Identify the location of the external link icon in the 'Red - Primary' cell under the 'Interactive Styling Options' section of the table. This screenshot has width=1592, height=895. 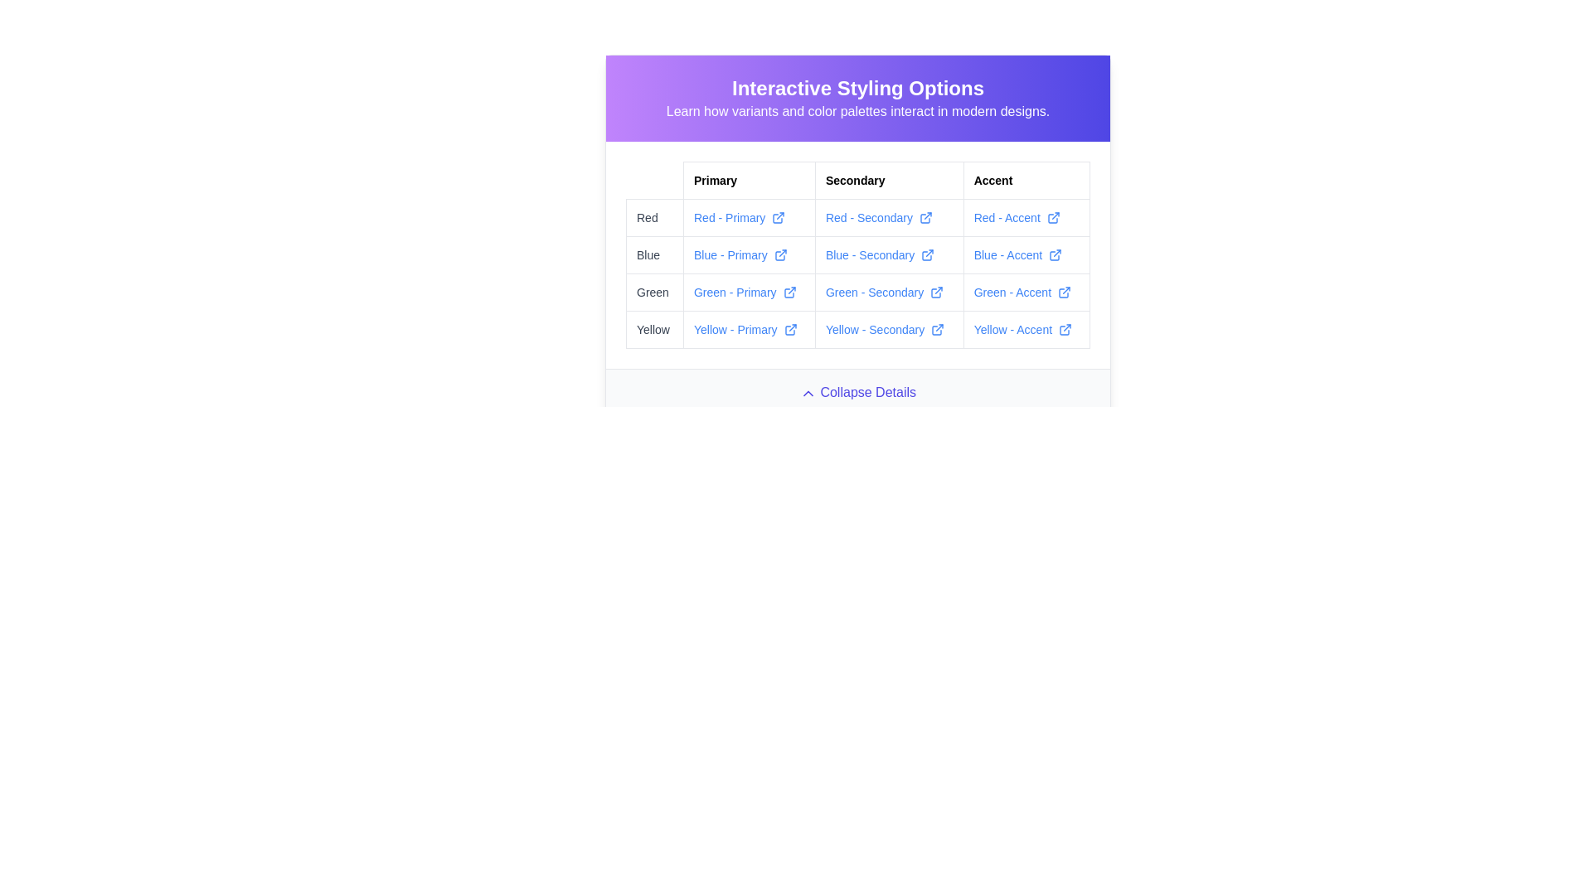
(778, 216).